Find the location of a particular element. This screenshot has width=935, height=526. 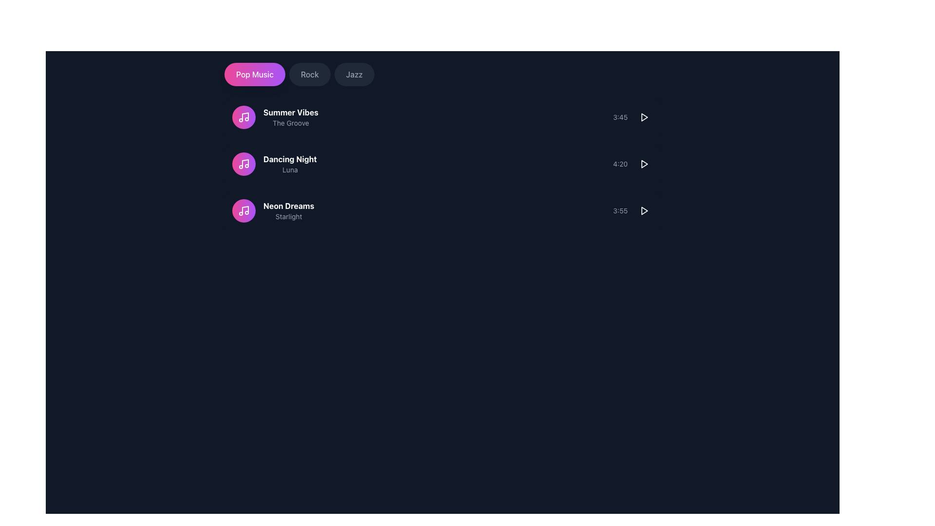

the text label 'Neon Dreams' which is the third item in a list of music tracks is located at coordinates (288, 210).